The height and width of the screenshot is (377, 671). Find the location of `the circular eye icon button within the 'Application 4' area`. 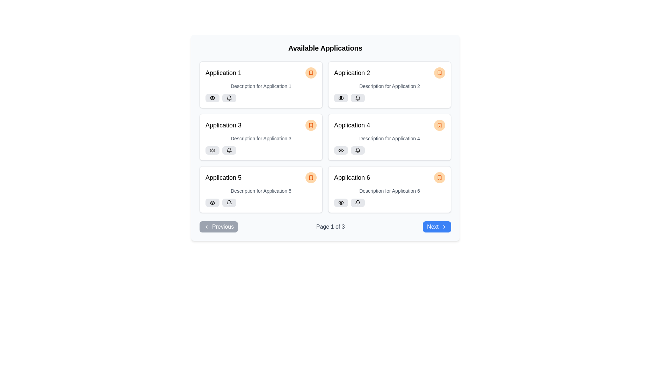

the circular eye icon button within the 'Application 4' area is located at coordinates (341, 150).